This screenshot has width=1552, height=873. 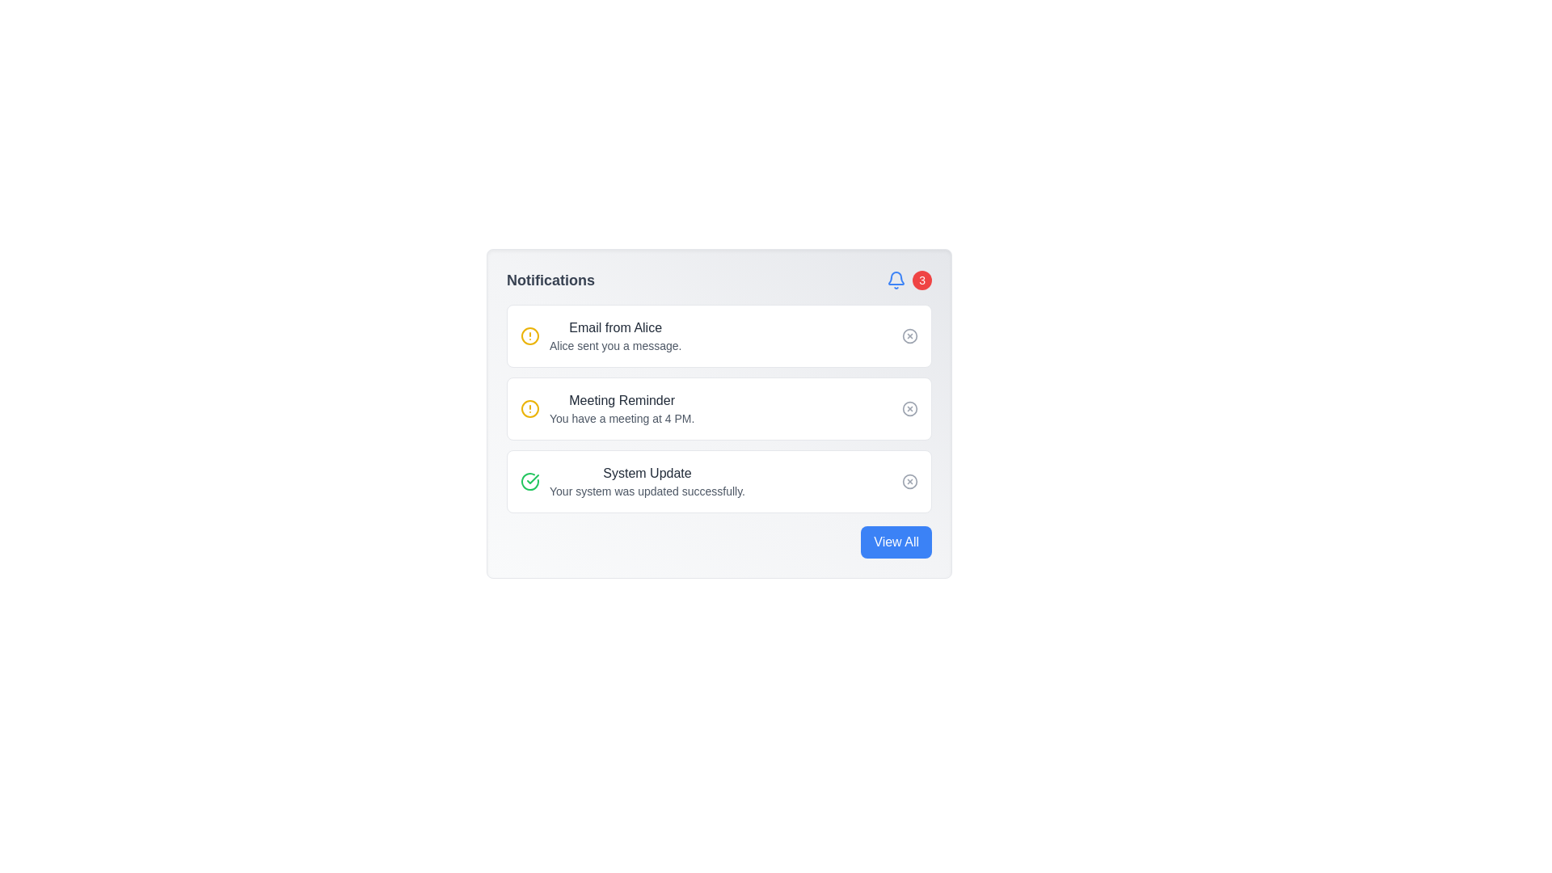 I want to click on the descriptive text of the notification tile titled 'Meeting Reminder', which provides details about an upcoming meeting scheduled for 4 PM, so click(x=621, y=417).